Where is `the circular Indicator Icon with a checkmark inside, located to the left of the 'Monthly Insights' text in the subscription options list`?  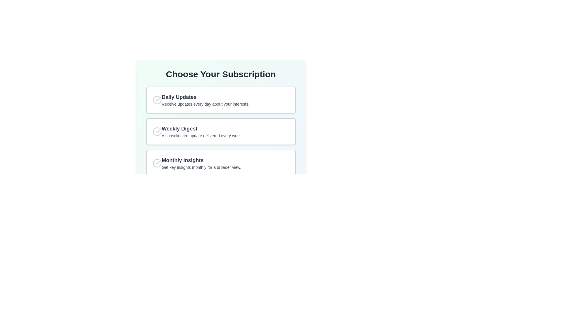 the circular Indicator Icon with a checkmark inside, located to the left of the 'Monthly Insights' text in the subscription options list is located at coordinates (157, 163).